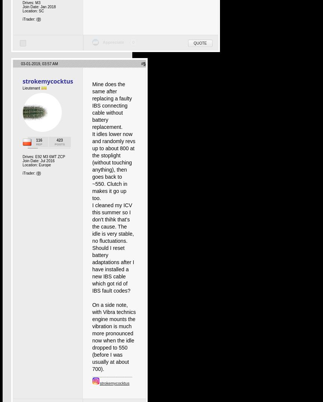 The image size is (323, 402). What do you see at coordinates (112, 105) in the screenshot?
I see `'Mine does the same after replacing a faulty IBS connecting cable without battery replacement.'` at bounding box center [112, 105].